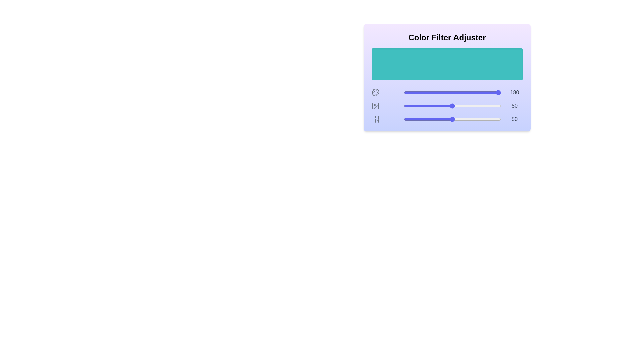 The image size is (644, 362). Describe the element at coordinates (465, 106) in the screenshot. I see `the 1 slider to 63 to observe the color preview area` at that location.